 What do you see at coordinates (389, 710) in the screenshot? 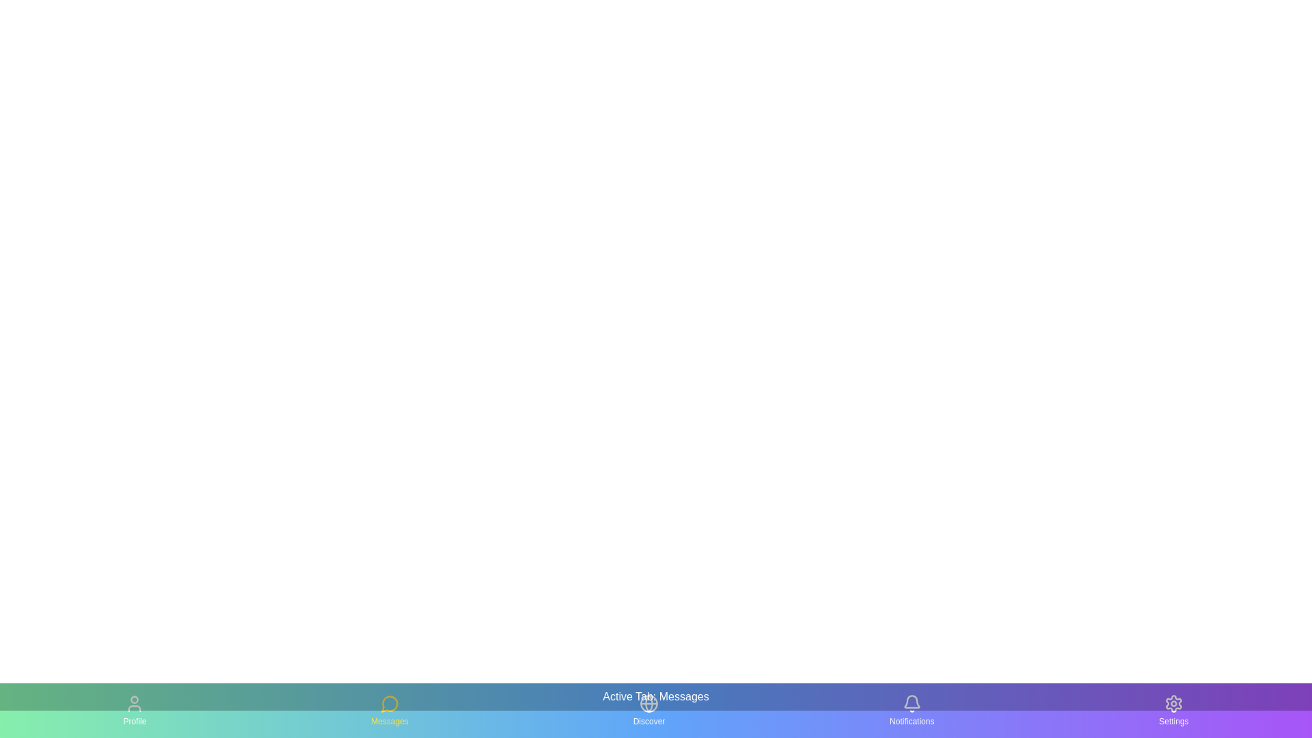
I see `the tab labeled Messages` at bounding box center [389, 710].